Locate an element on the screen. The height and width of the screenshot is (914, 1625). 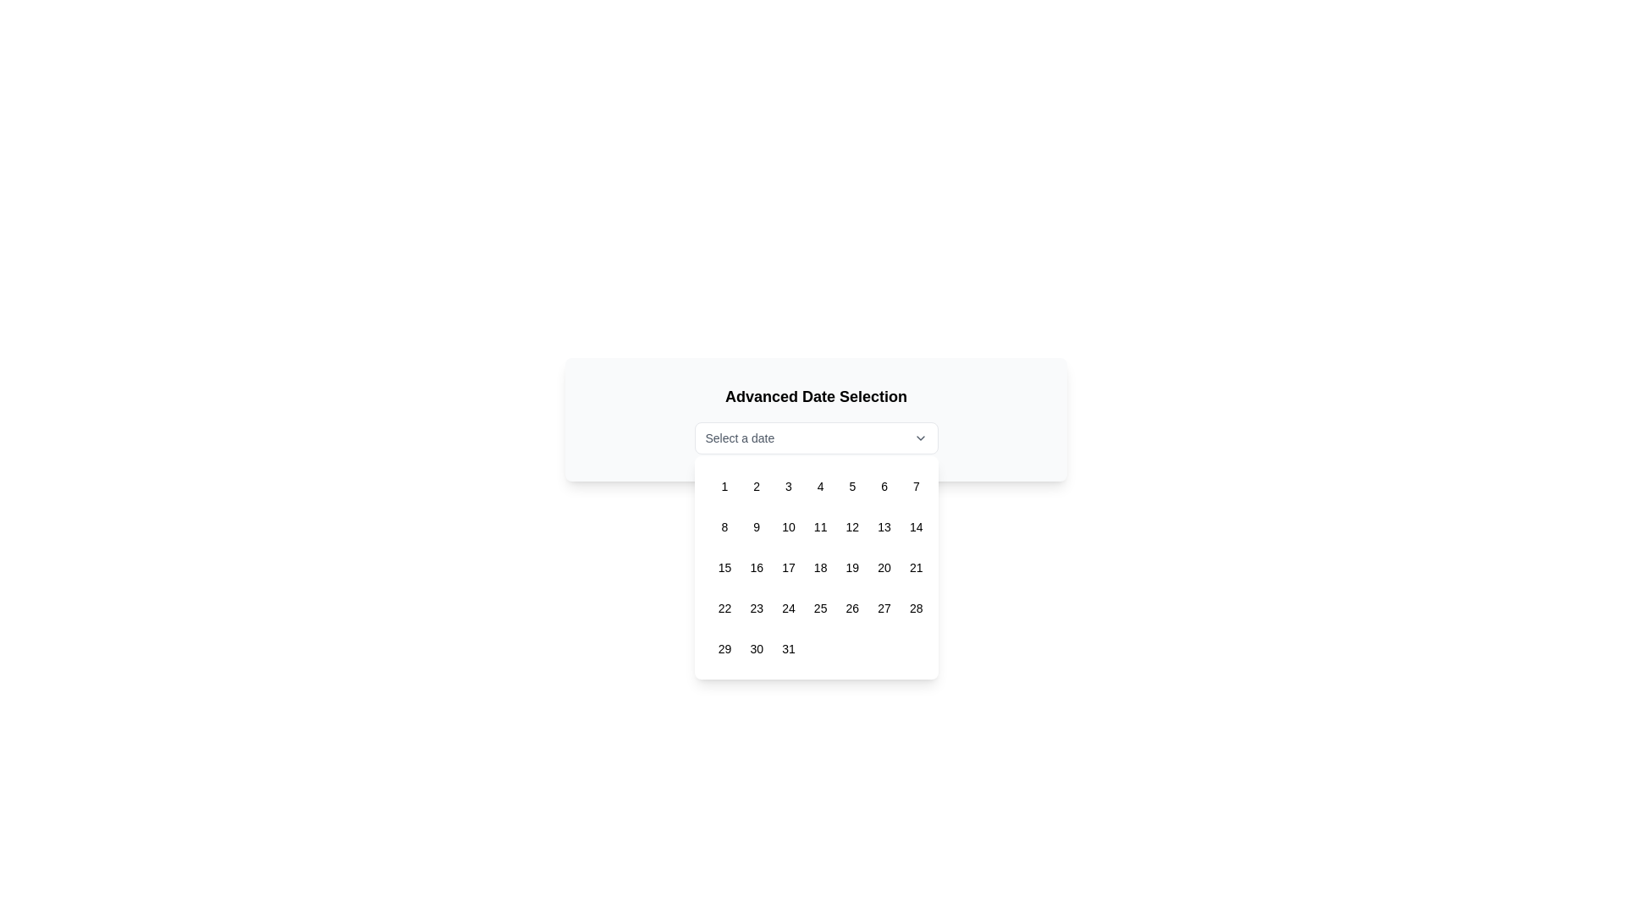
the button labeled '10' in the calendar interface is located at coordinates (787, 526).